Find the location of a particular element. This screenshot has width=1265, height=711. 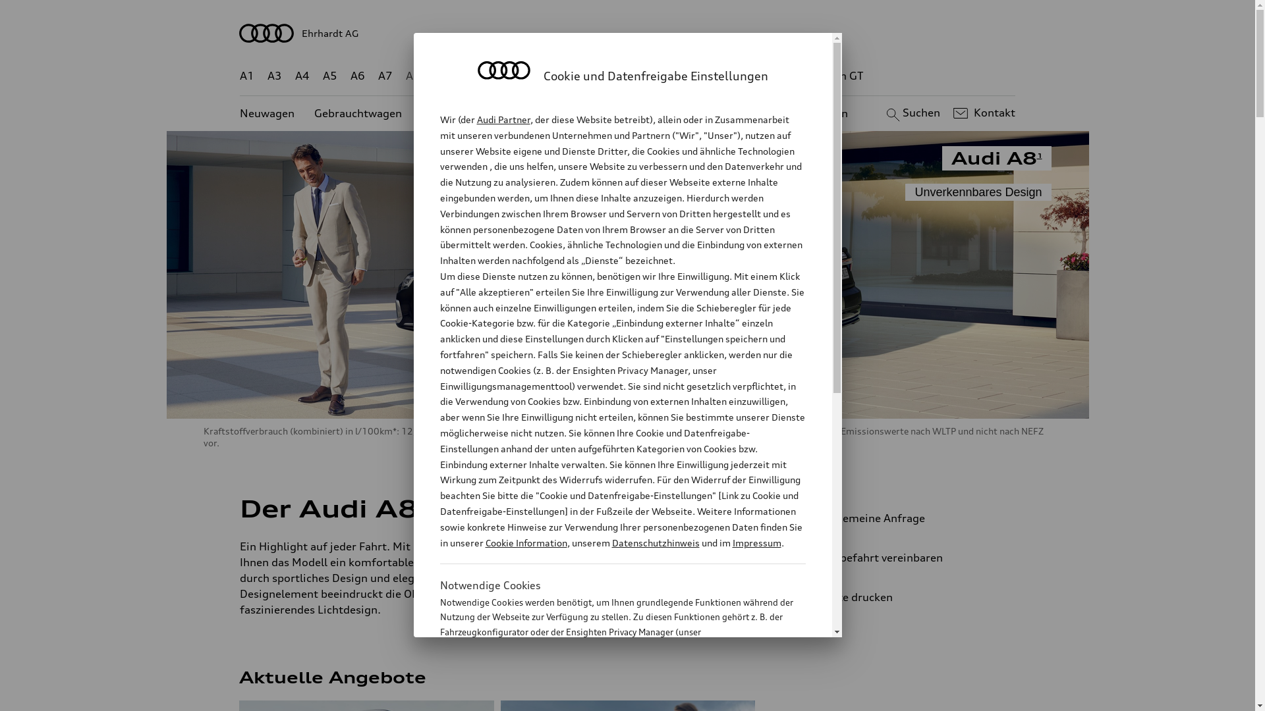

'A5' is located at coordinates (322, 76).